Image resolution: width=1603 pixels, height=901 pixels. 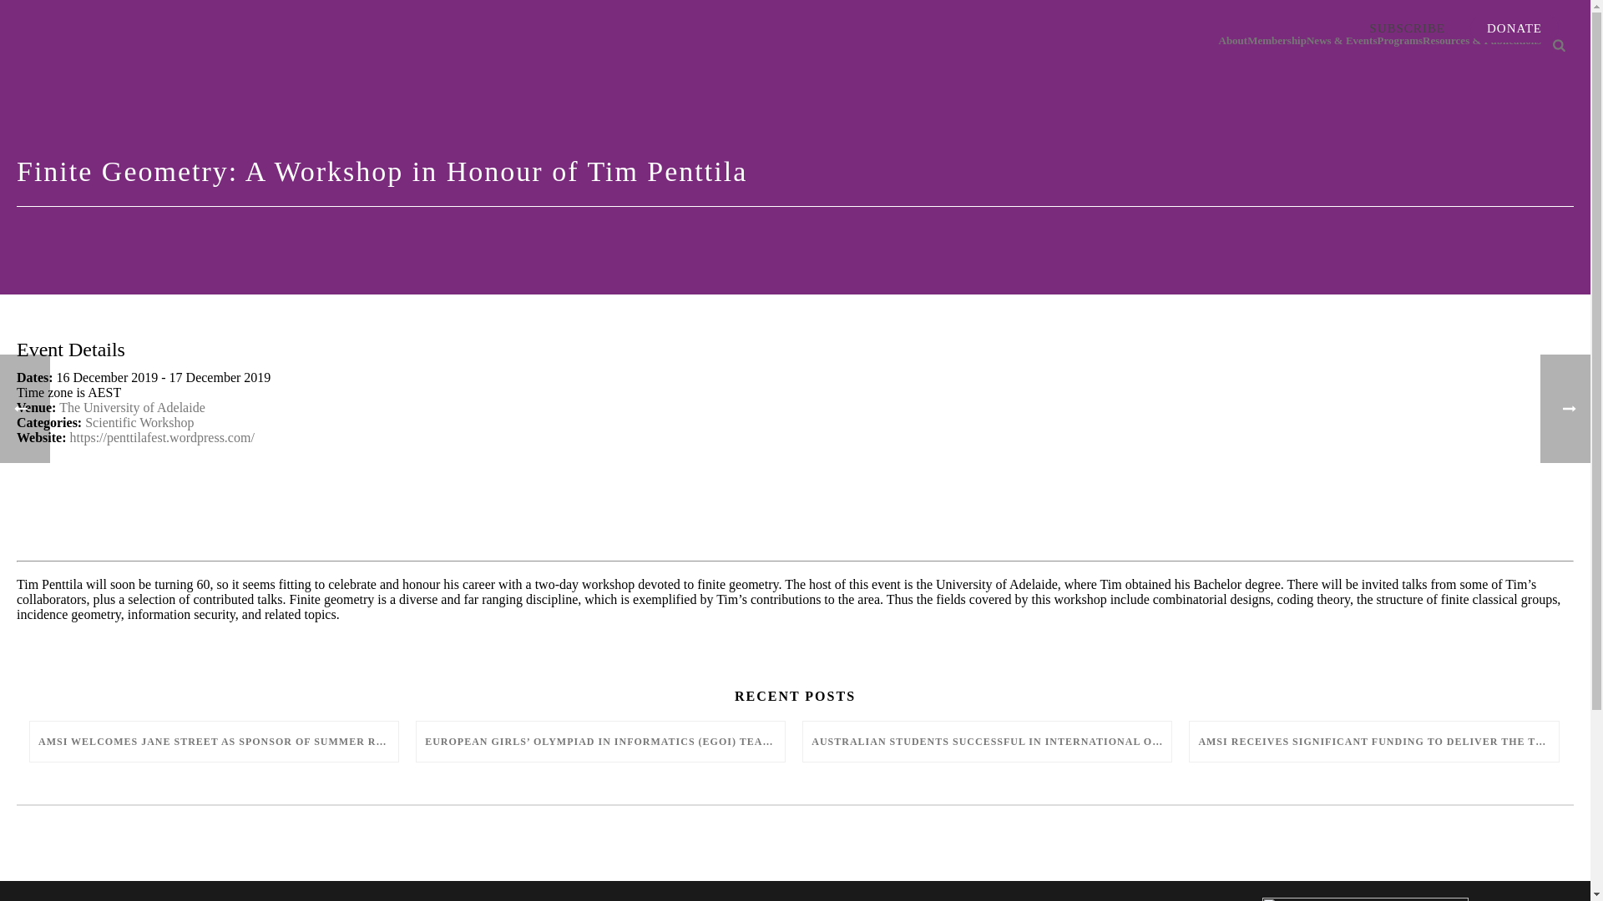 What do you see at coordinates (59, 407) in the screenshot?
I see `'The University of Adelaide'` at bounding box center [59, 407].